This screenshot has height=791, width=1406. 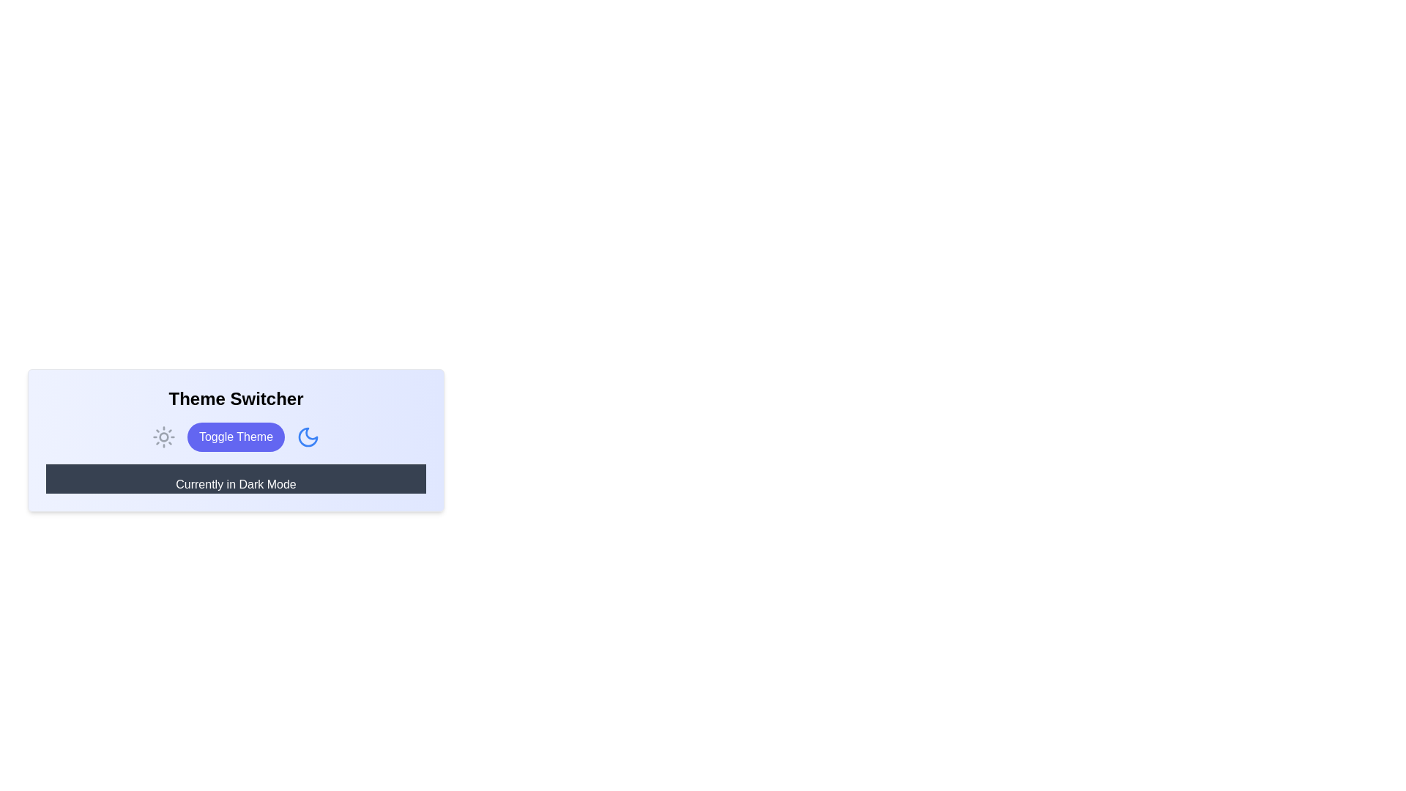 What do you see at coordinates (236, 437) in the screenshot?
I see `the 'Toggle Theme' button, which is the central component of the Interactive Group with Button` at bounding box center [236, 437].